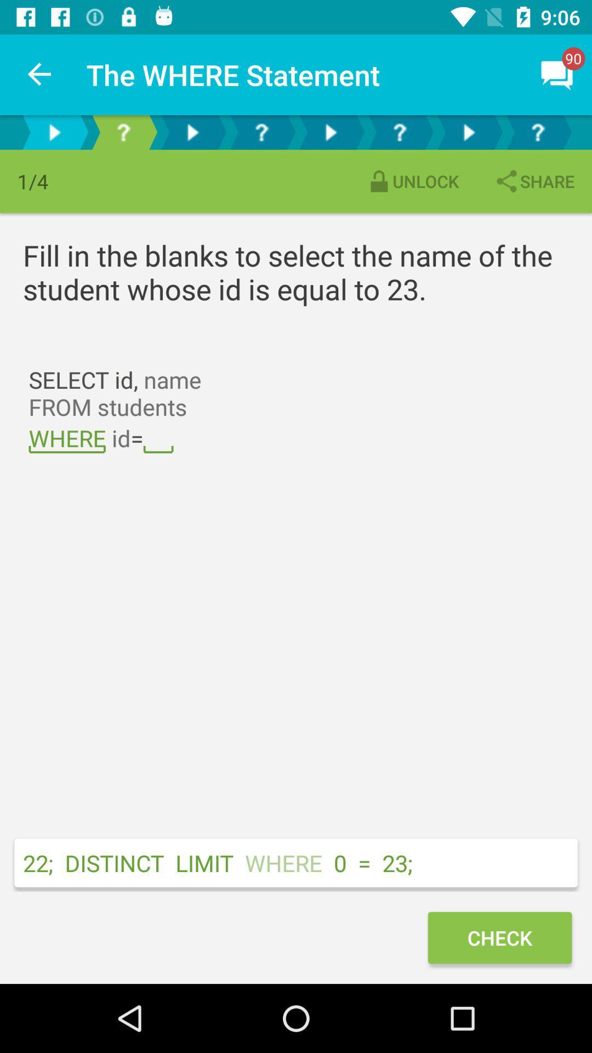 This screenshot has width=592, height=1053. What do you see at coordinates (400, 132) in the screenshot?
I see `help menu` at bounding box center [400, 132].